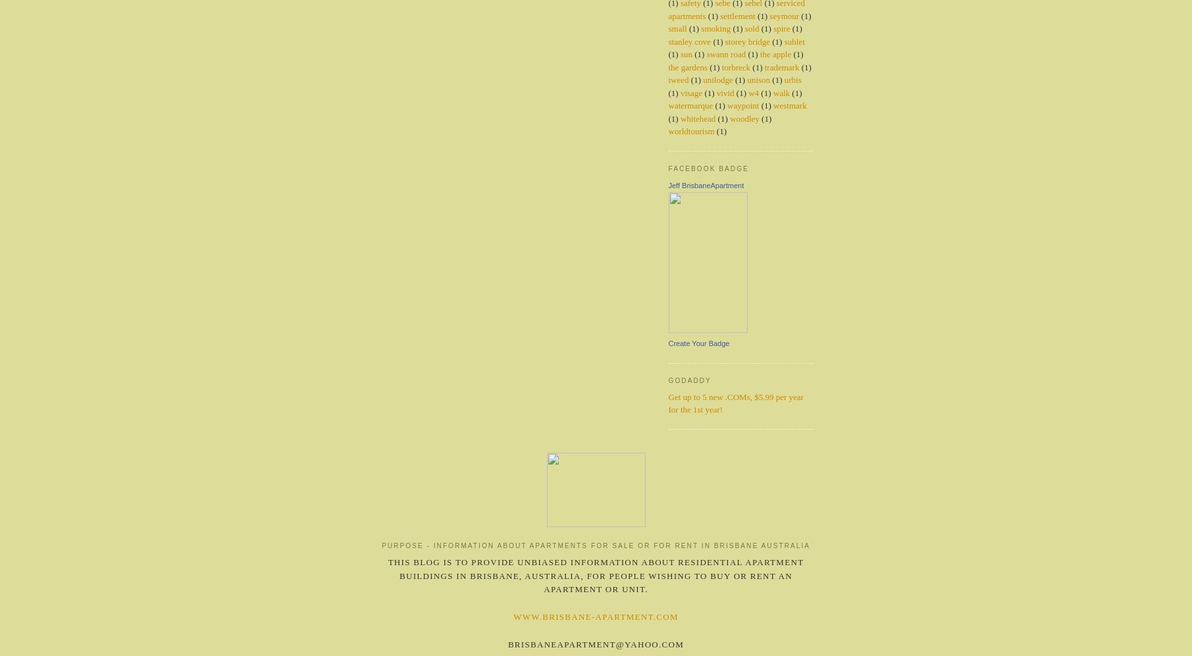  What do you see at coordinates (743, 117) in the screenshot?
I see `'woodley'` at bounding box center [743, 117].